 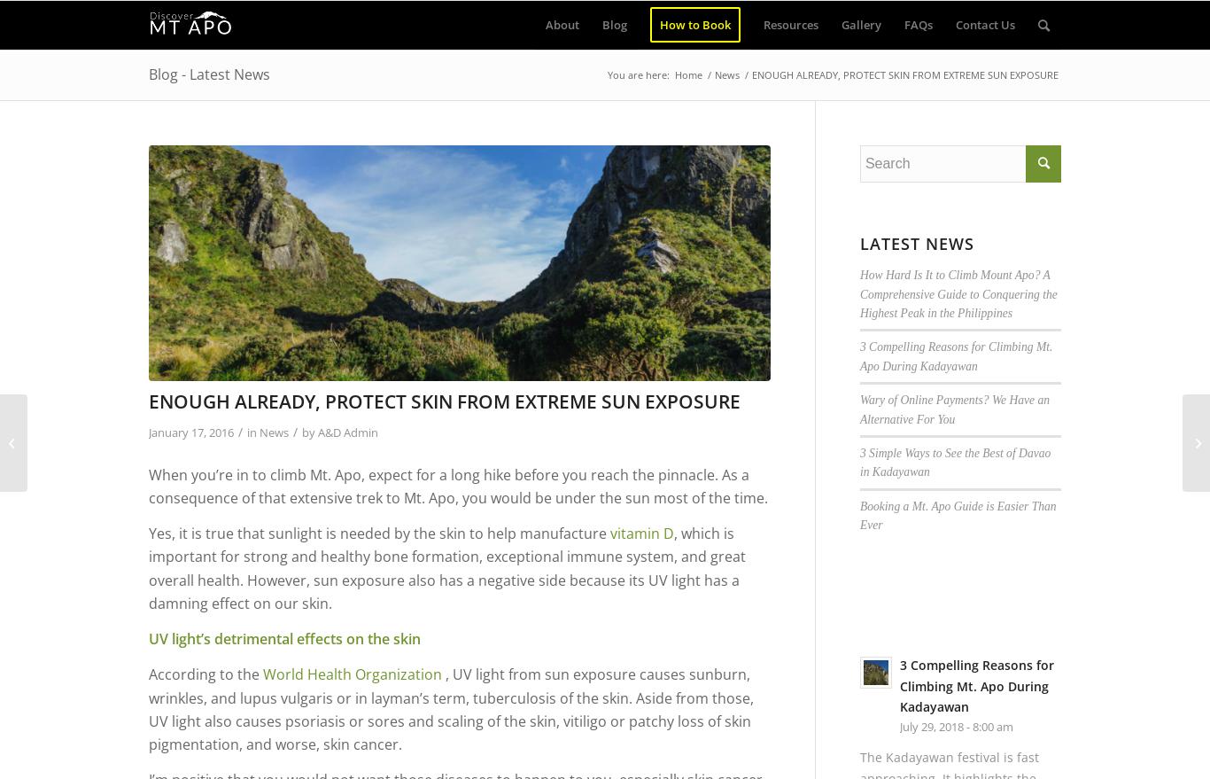 I want to click on 'According to the', so click(x=206, y=674).